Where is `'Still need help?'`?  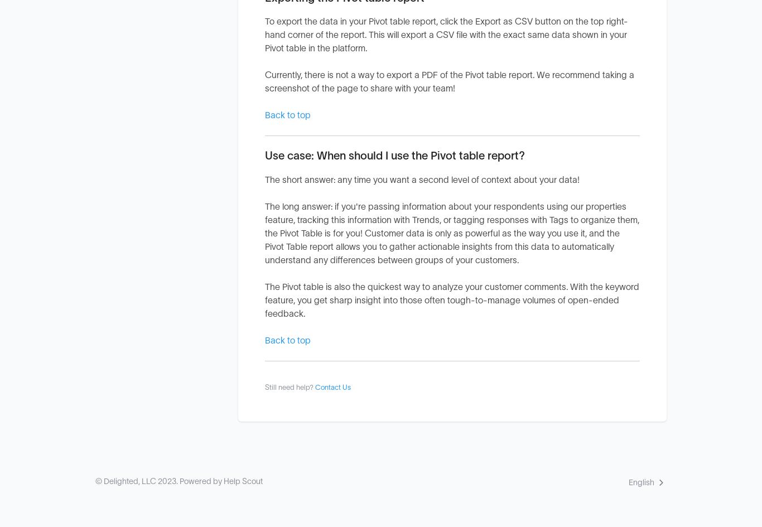
'Still need help?' is located at coordinates (264, 387).